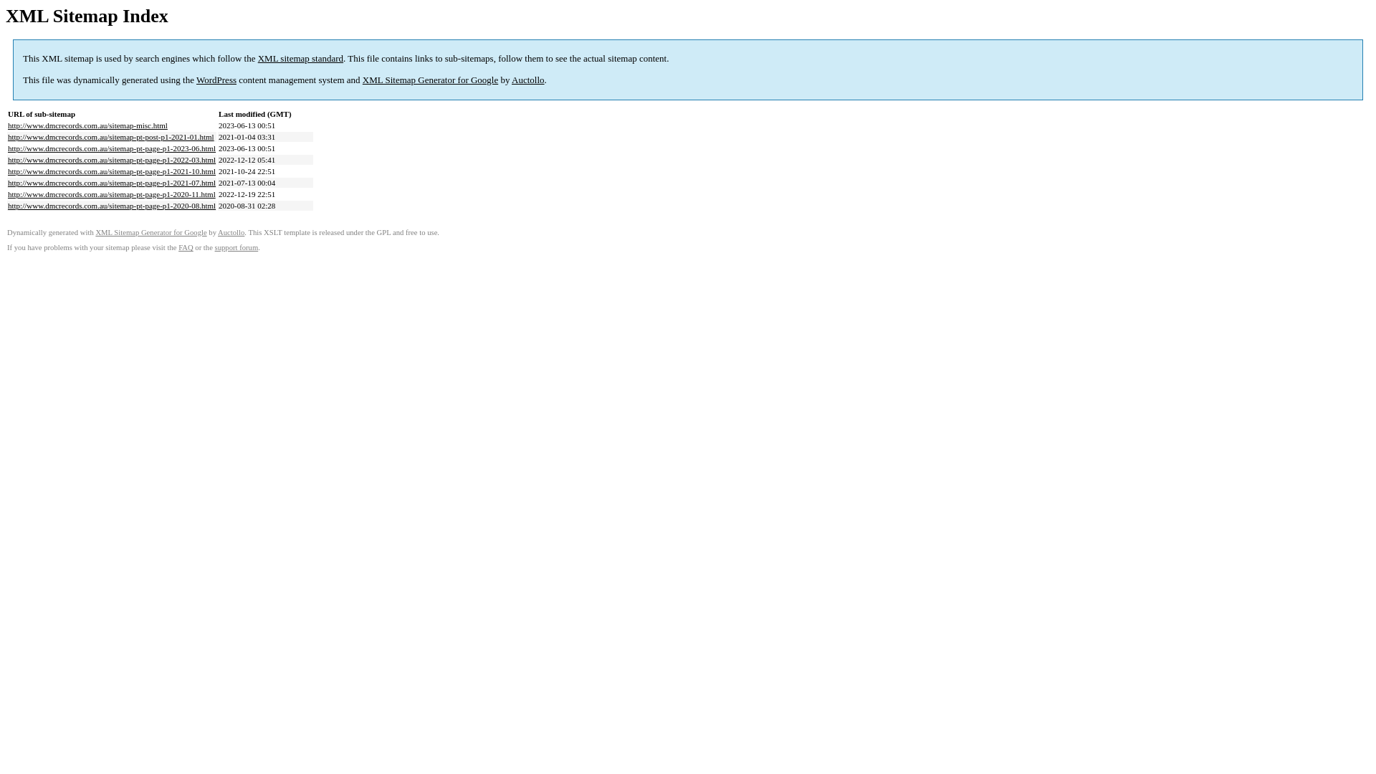 The height and width of the screenshot is (774, 1376). Describe the element at coordinates (300, 57) in the screenshot. I see `'XML sitemap standard'` at that location.